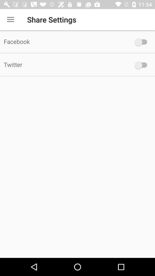  What do you see at coordinates (142, 42) in the screenshot?
I see `facebook` at bounding box center [142, 42].